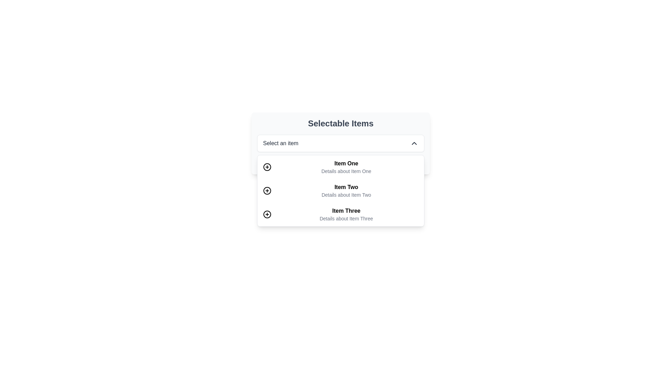  Describe the element at coordinates (341, 167) in the screenshot. I see `the first list item in the dropdown menu` at that location.